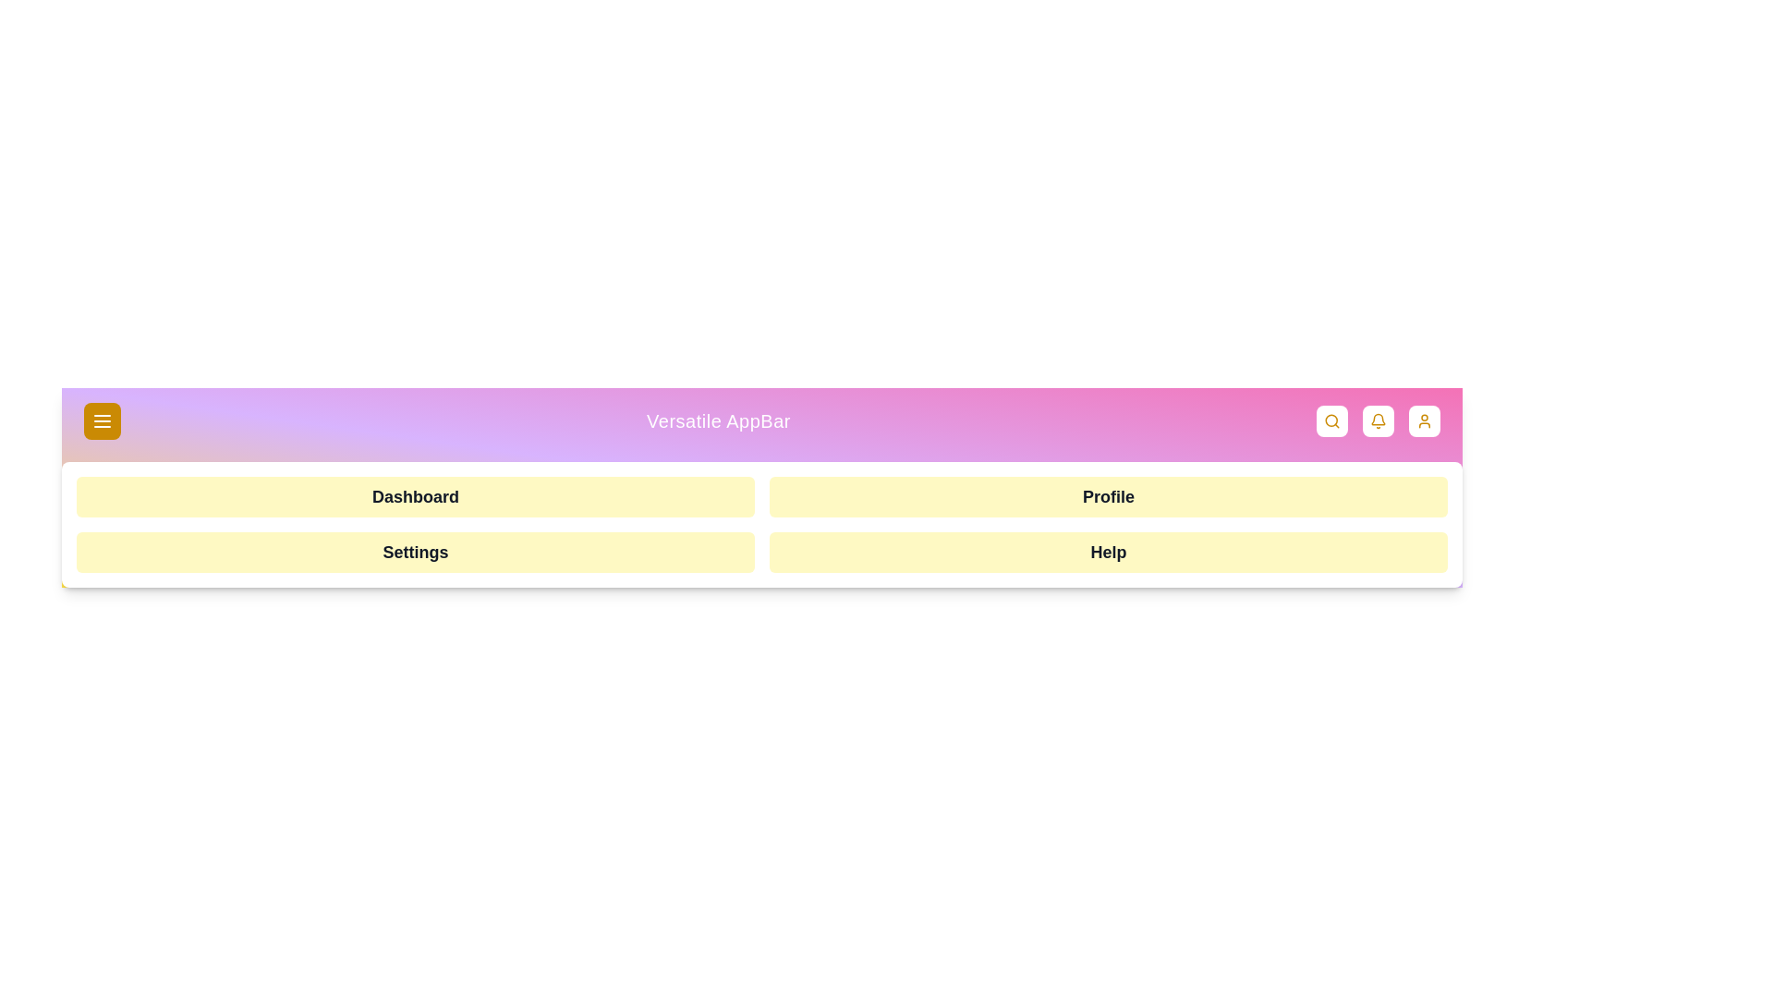  I want to click on the menu option Help, so click(1109, 551).